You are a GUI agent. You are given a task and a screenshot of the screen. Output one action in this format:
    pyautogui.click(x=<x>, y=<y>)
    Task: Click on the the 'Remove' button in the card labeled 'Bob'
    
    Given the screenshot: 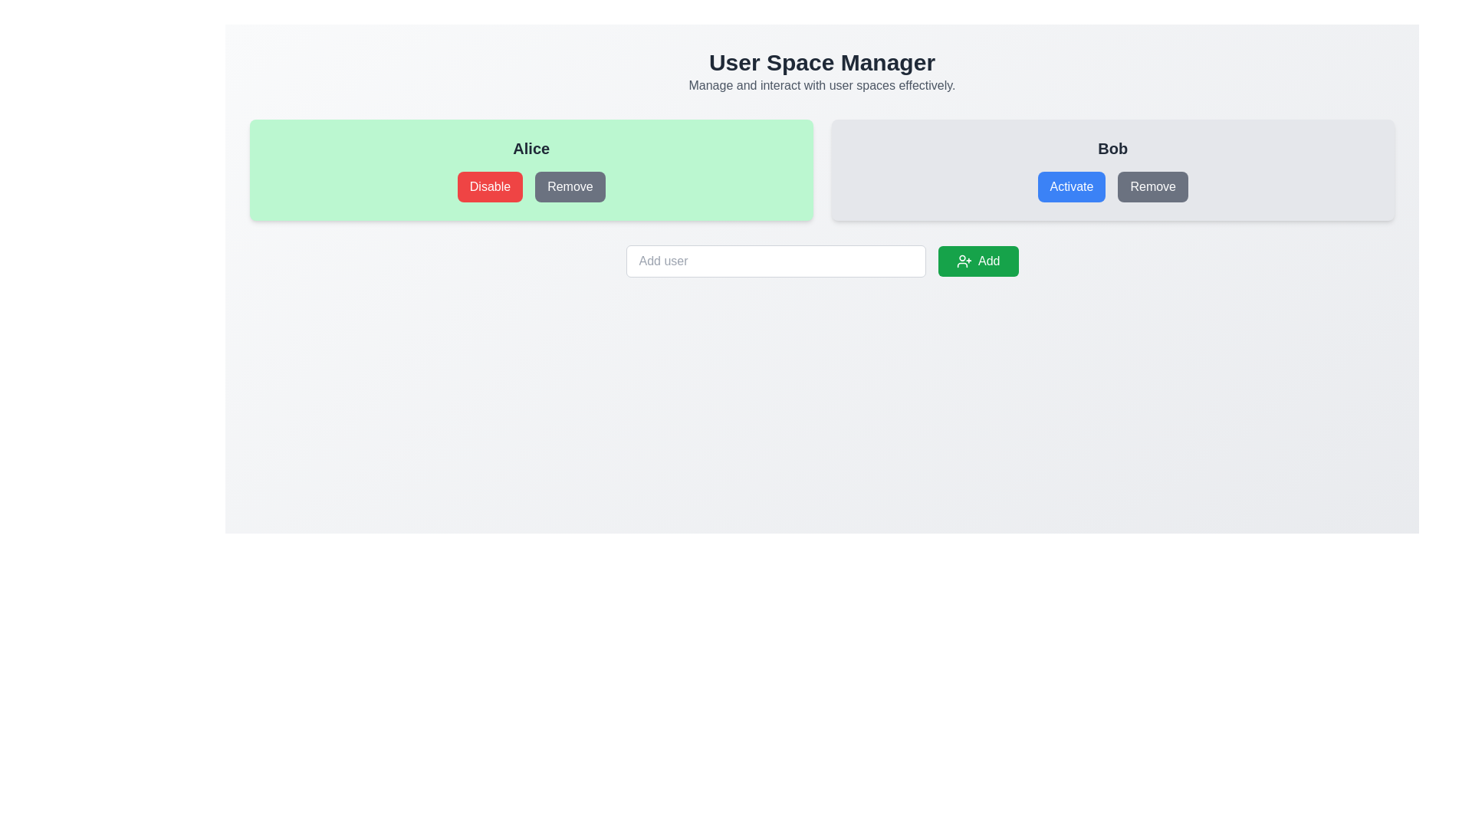 What is the action you would take?
    pyautogui.click(x=1112, y=170)
    